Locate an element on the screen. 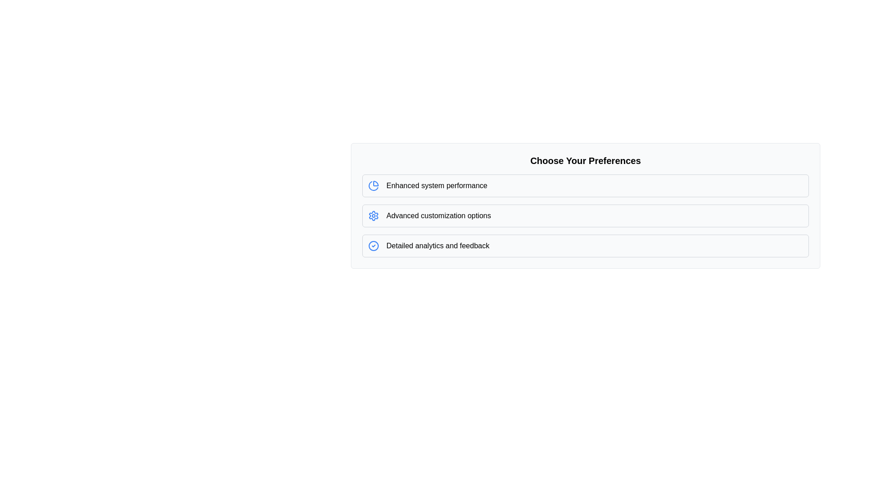 The width and height of the screenshot is (875, 492). the 'Advanced customization options' selectable item in the list is located at coordinates (586, 216).